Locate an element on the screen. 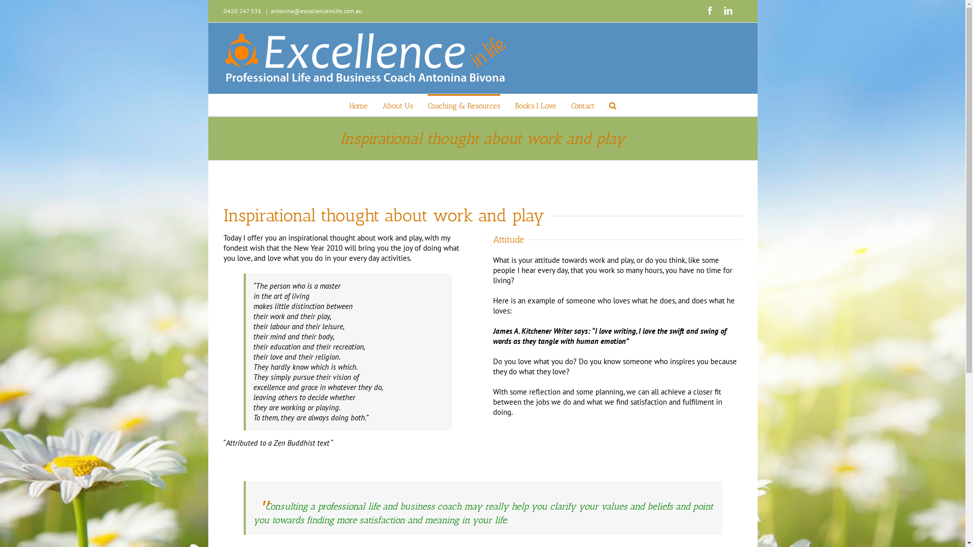 Image resolution: width=973 pixels, height=547 pixels. 'Contact' is located at coordinates (583, 105).